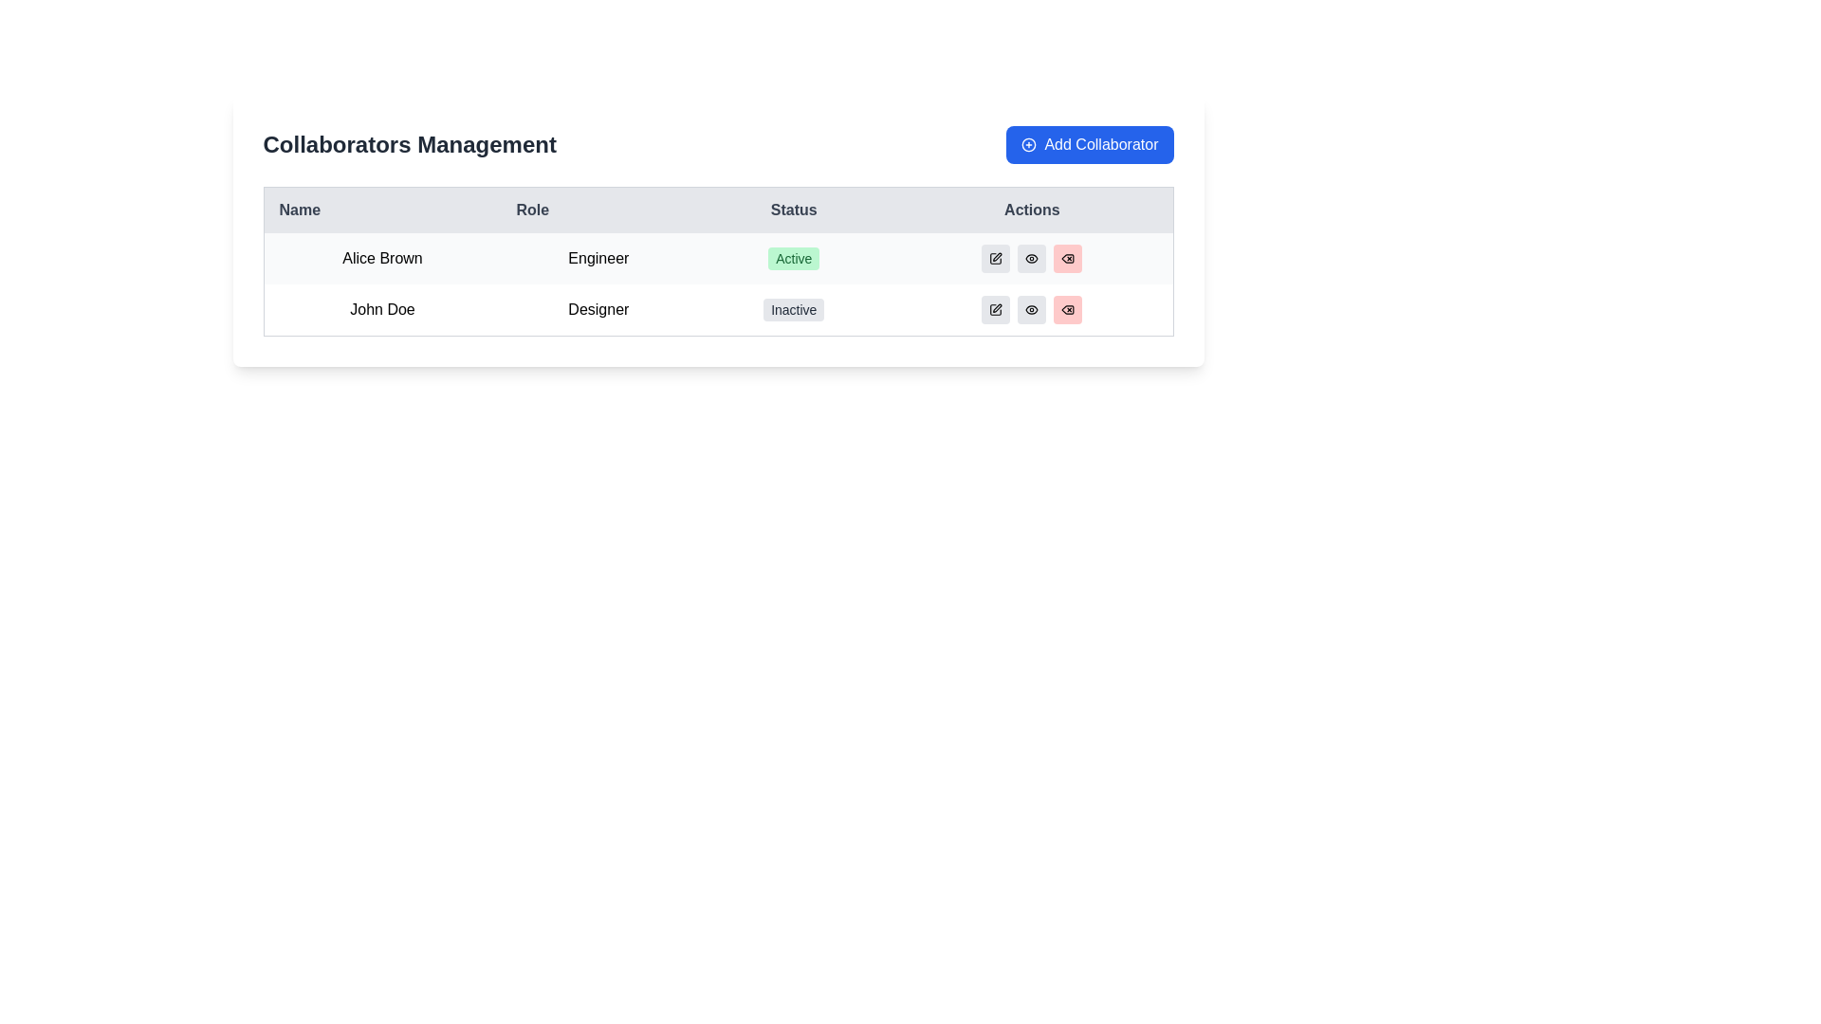 The width and height of the screenshot is (1821, 1024). I want to click on the square button with a gray background and a pen icon located in the 'Actions' column for the second row associated with 'John Doe' to initiate edit, so click(995, 309).